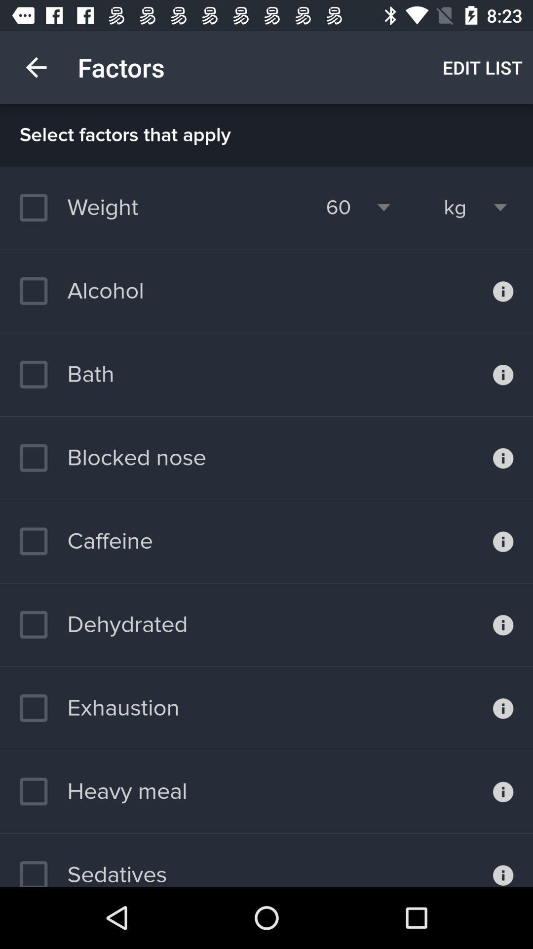 The width and height of the screenshot is (533, 949). I want to click on the icon to the left of the factors, so click(36, 67).